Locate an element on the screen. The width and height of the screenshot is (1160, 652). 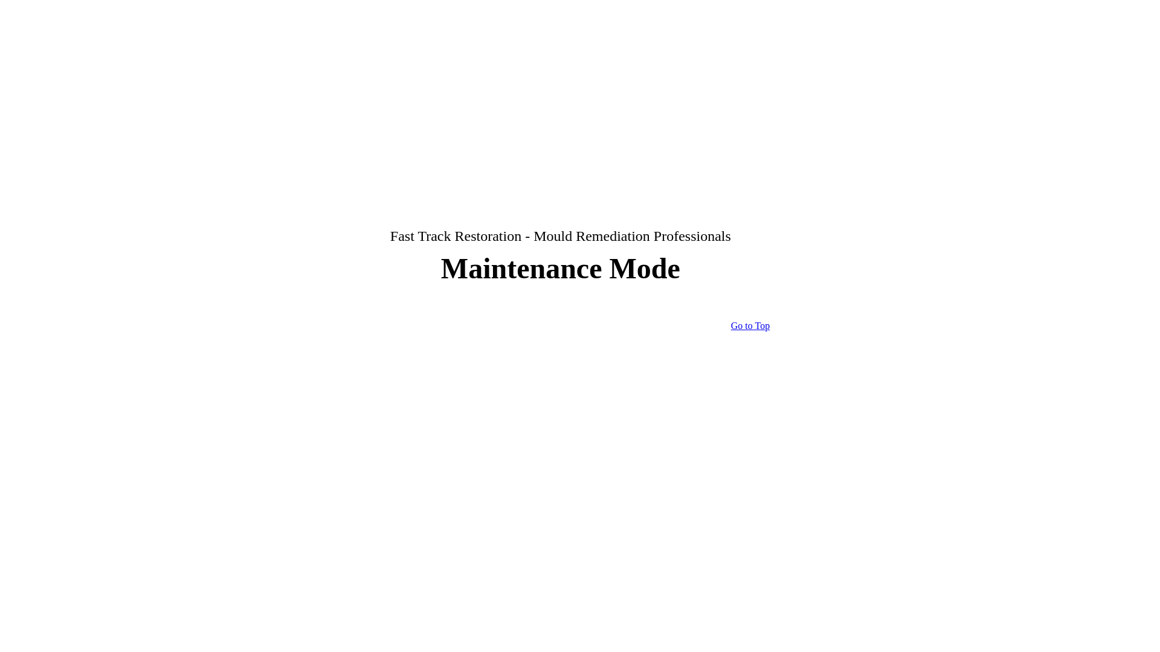
'Go to Top' is located at coordinates (750, 325).